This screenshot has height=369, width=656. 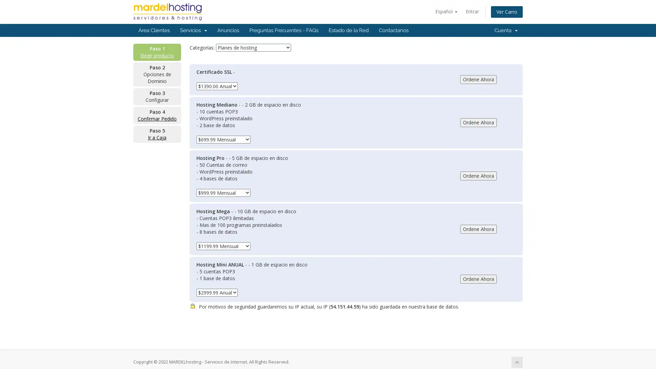 I want to click on Ordene Ahora, so click(x=478, y=279).